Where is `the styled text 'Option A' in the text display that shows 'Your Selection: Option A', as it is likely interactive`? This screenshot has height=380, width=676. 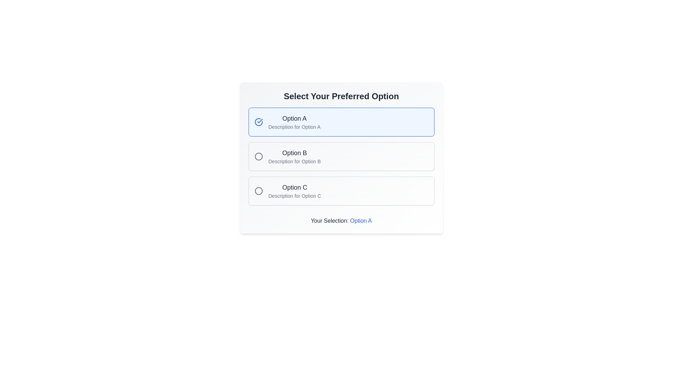 the styled text 'Option A' in the text display that shows 'Your Selection: Option A', as it is likely interactive is located at coordinates (341, 221).